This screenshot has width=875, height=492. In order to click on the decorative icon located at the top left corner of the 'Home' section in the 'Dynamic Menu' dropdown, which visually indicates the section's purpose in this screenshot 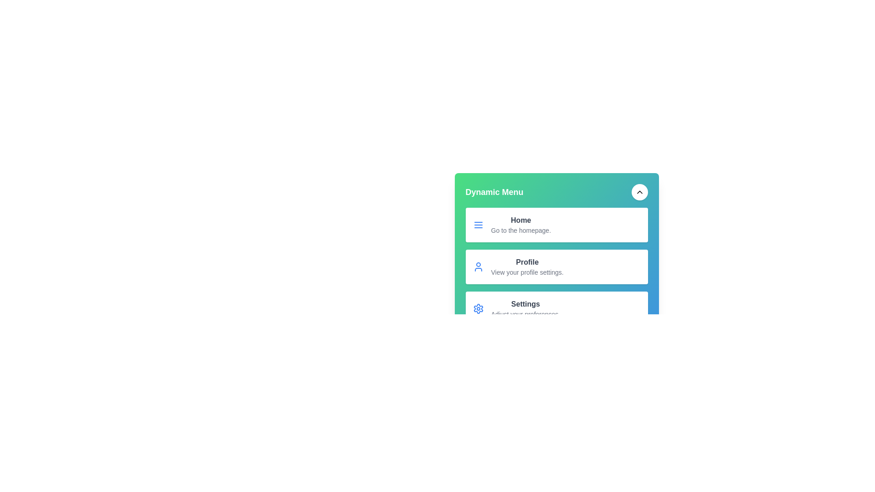, I will do `click(478, 225)`.